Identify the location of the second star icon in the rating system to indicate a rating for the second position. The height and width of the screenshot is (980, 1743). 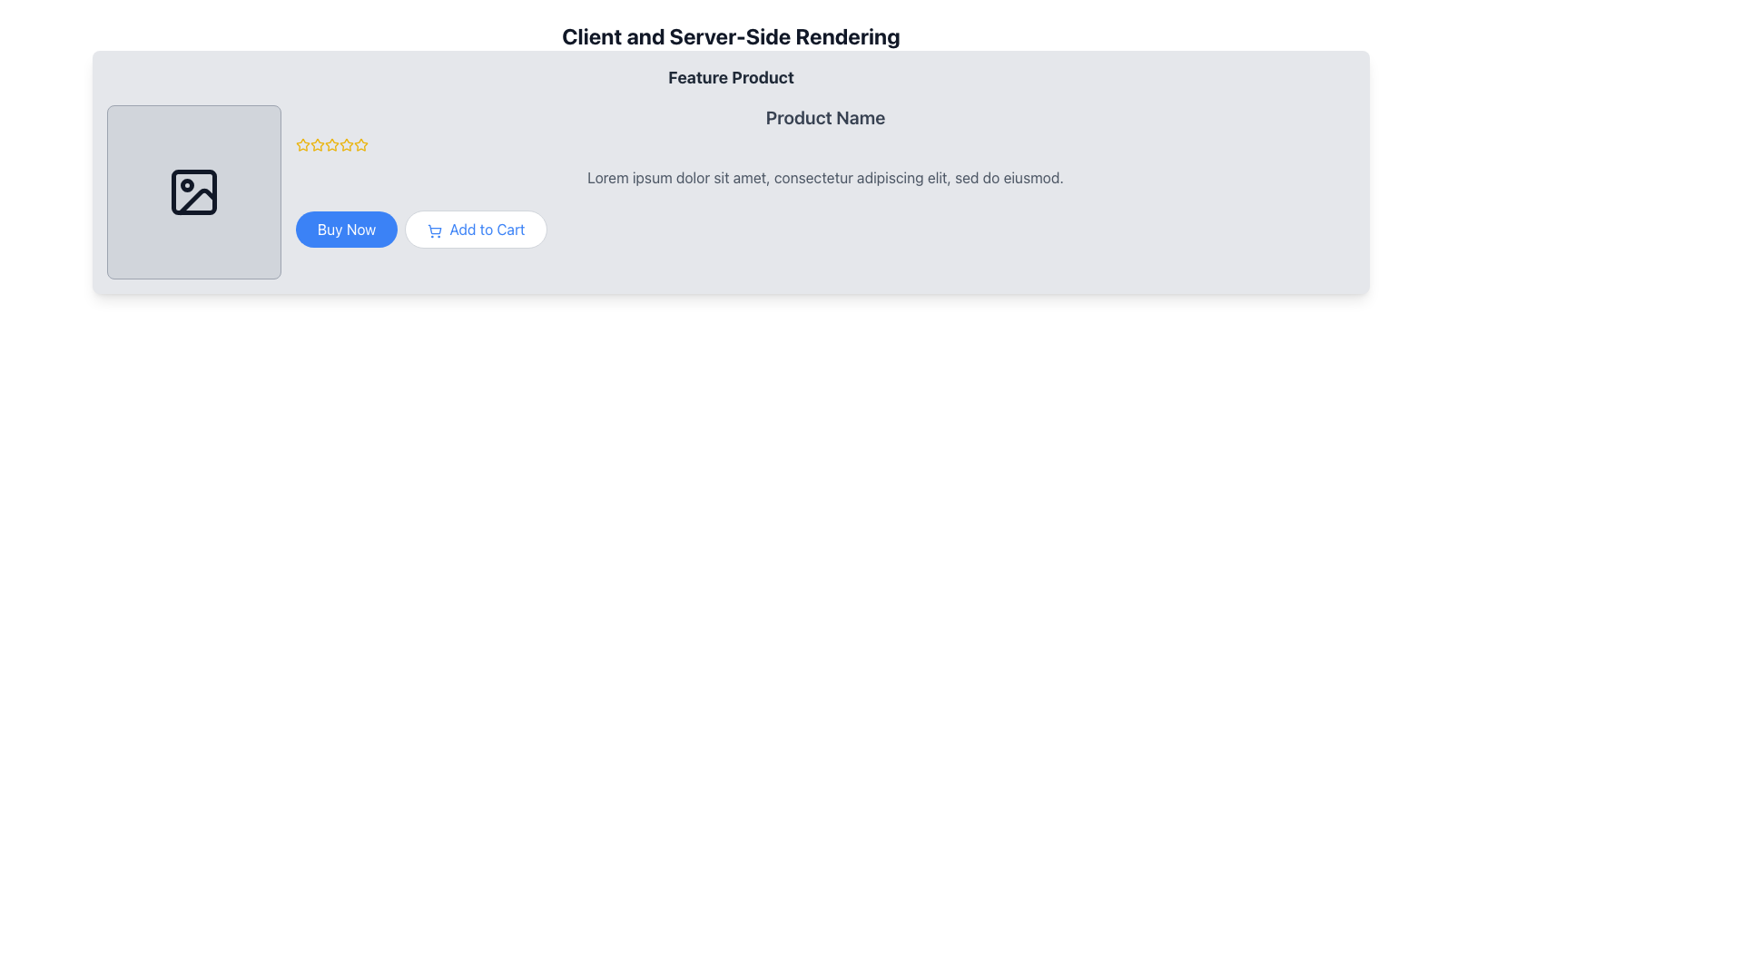
(331, 143).